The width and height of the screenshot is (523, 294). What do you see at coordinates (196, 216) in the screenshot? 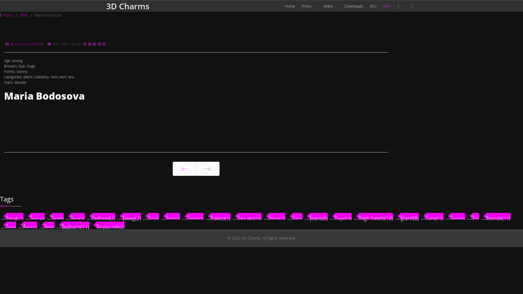
I see `'neckline(18)'` at bounding box center [196, 216].